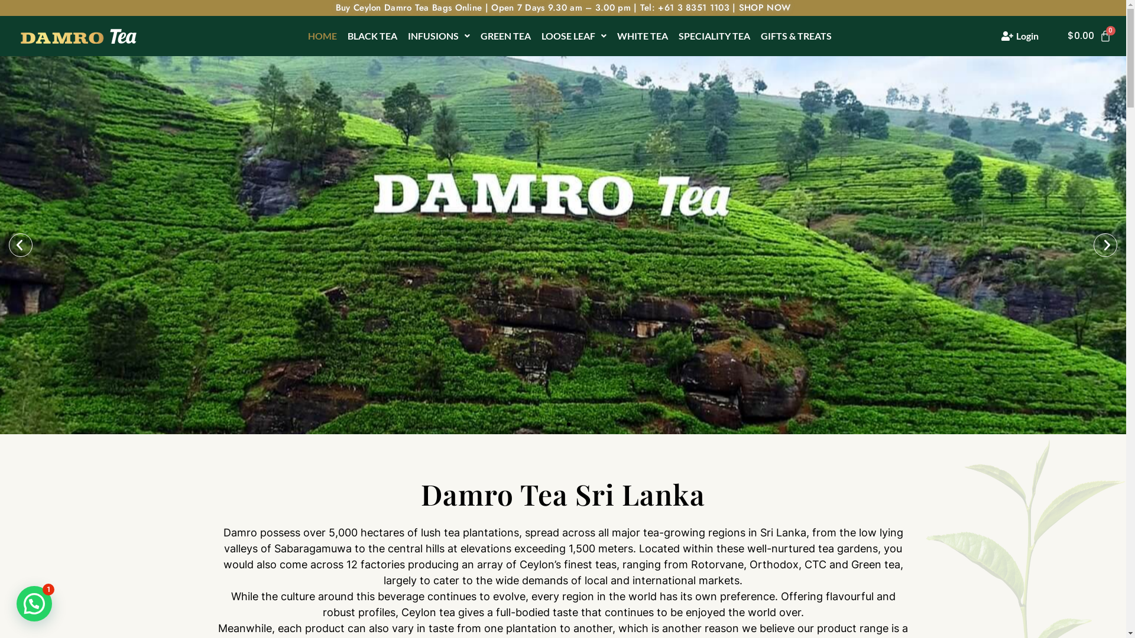  I want to click on '$0.00', so click(1089, 35).